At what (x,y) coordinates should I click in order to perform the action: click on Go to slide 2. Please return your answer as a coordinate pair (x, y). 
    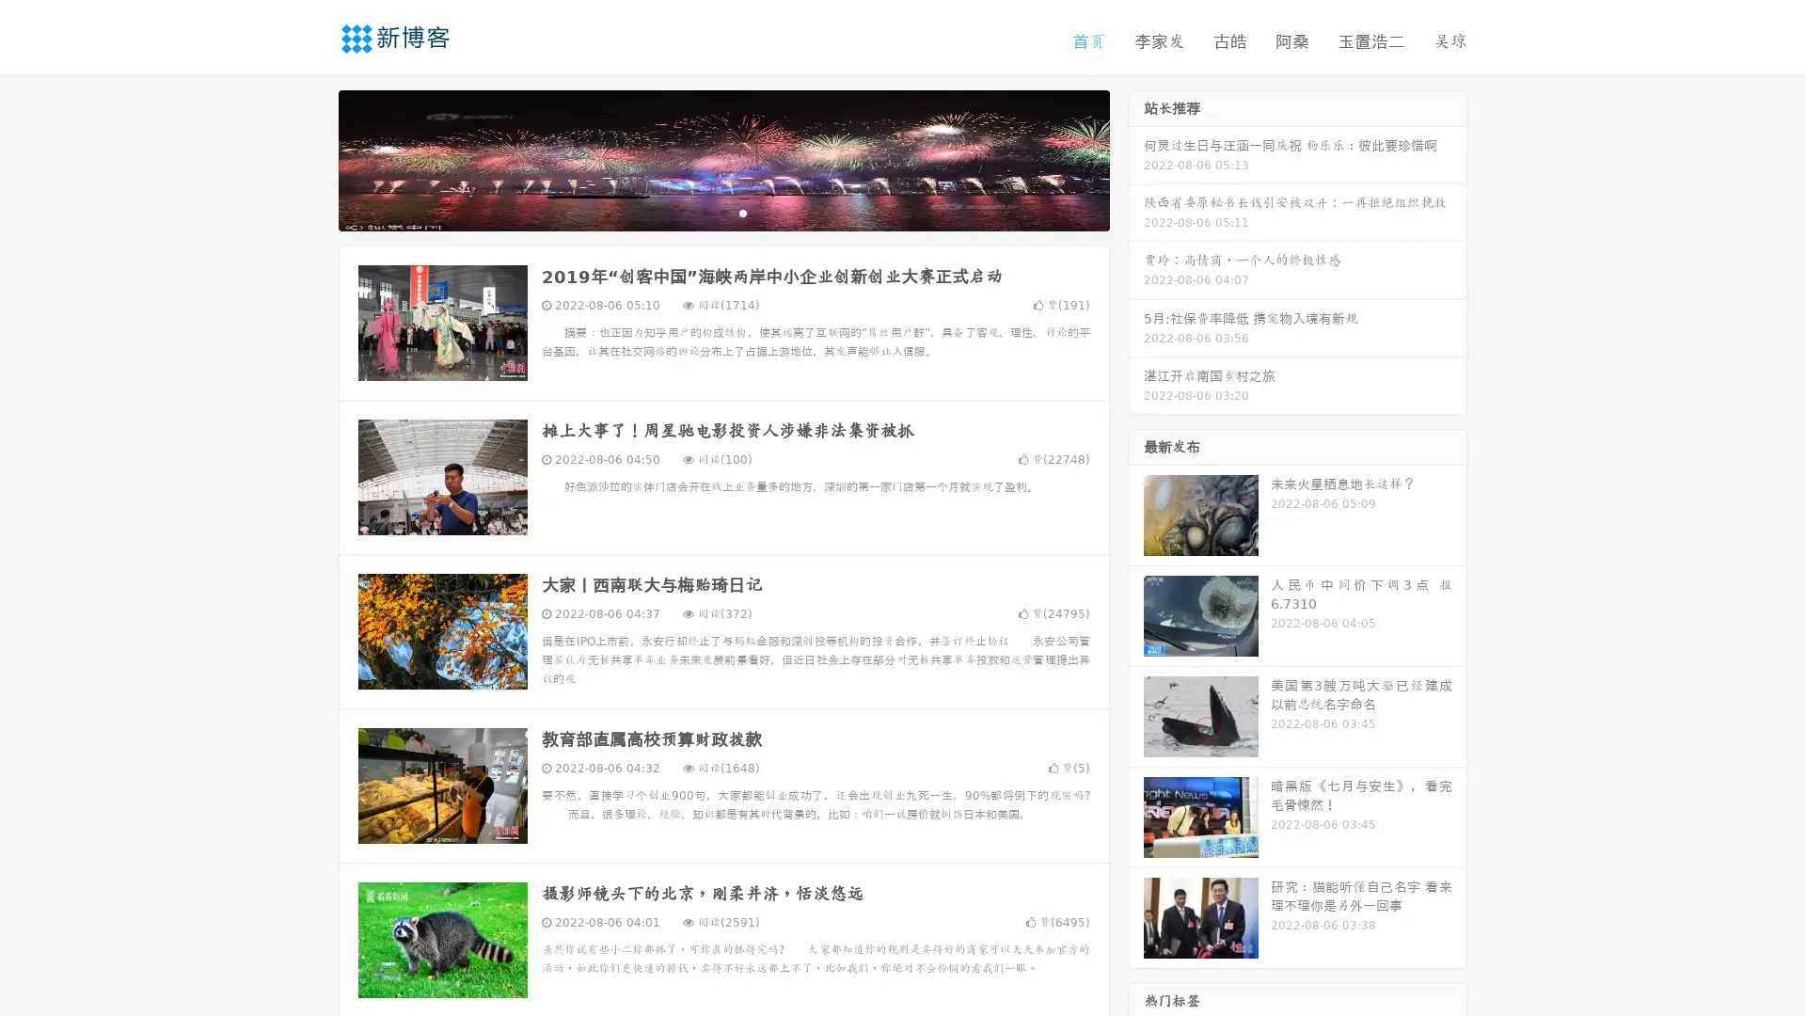
    Looking at the image, I should click on (722, 212).